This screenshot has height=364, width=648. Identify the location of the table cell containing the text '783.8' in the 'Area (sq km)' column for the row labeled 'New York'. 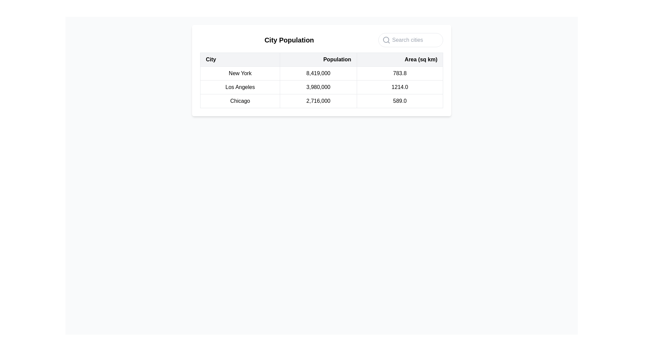
(400, 73).